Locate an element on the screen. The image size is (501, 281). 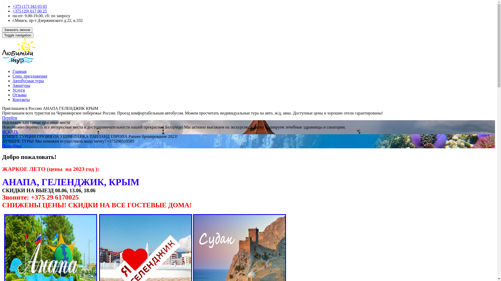
'Toggle navigation' is located at coordinates (17, 35).